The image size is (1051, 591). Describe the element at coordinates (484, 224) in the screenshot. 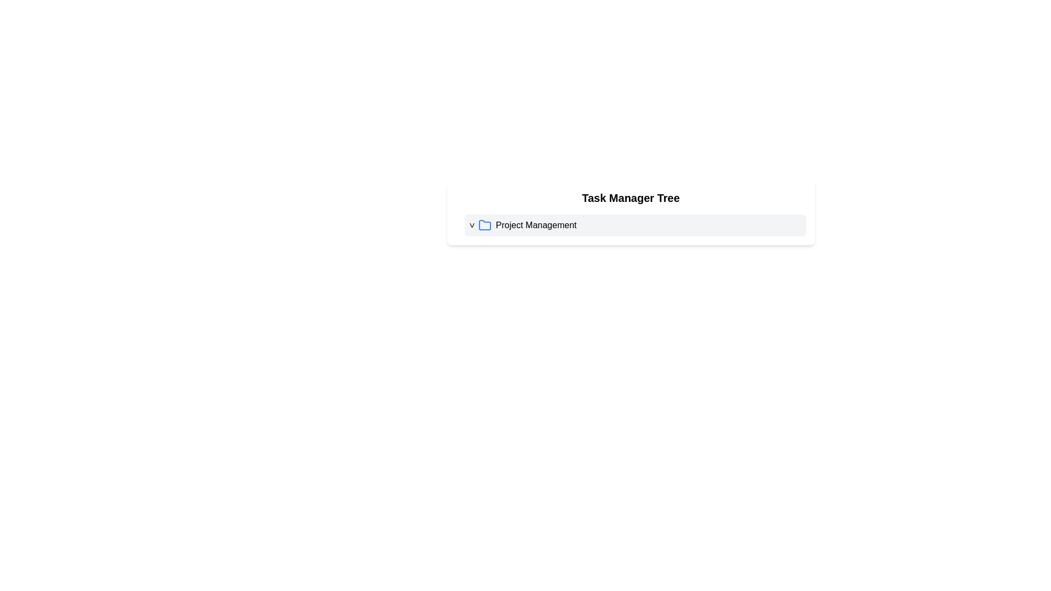

I see `the blue outlined folder icon located to the left of the 'Project Management' text in the 'Task Manager Tree' interface` at that location.